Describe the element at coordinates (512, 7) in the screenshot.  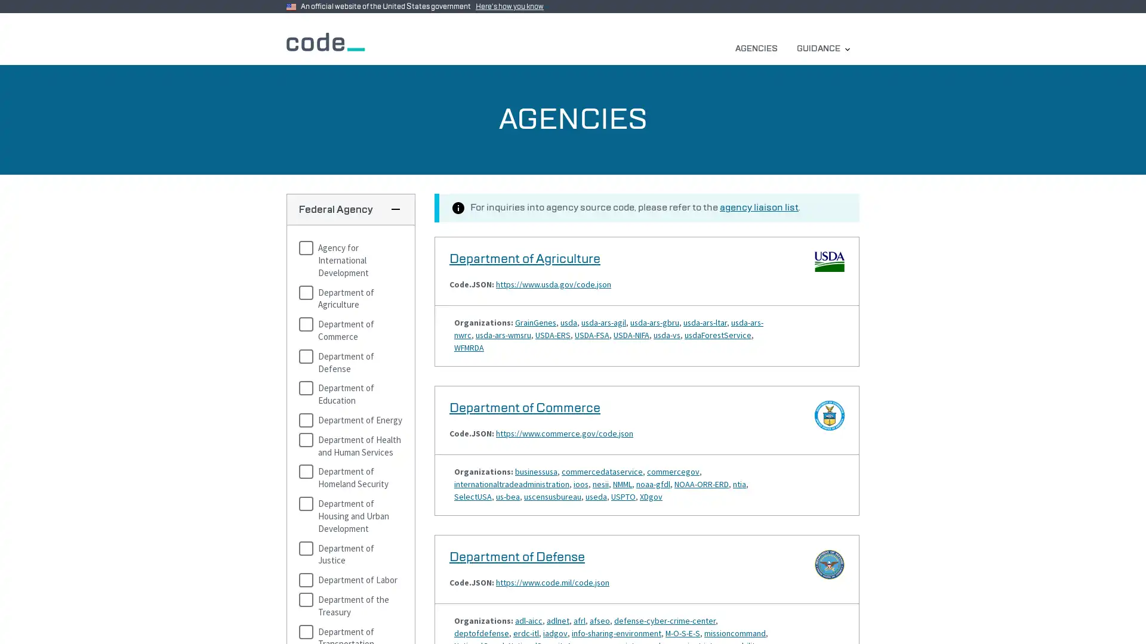
I see `Here's how you know` at that location.